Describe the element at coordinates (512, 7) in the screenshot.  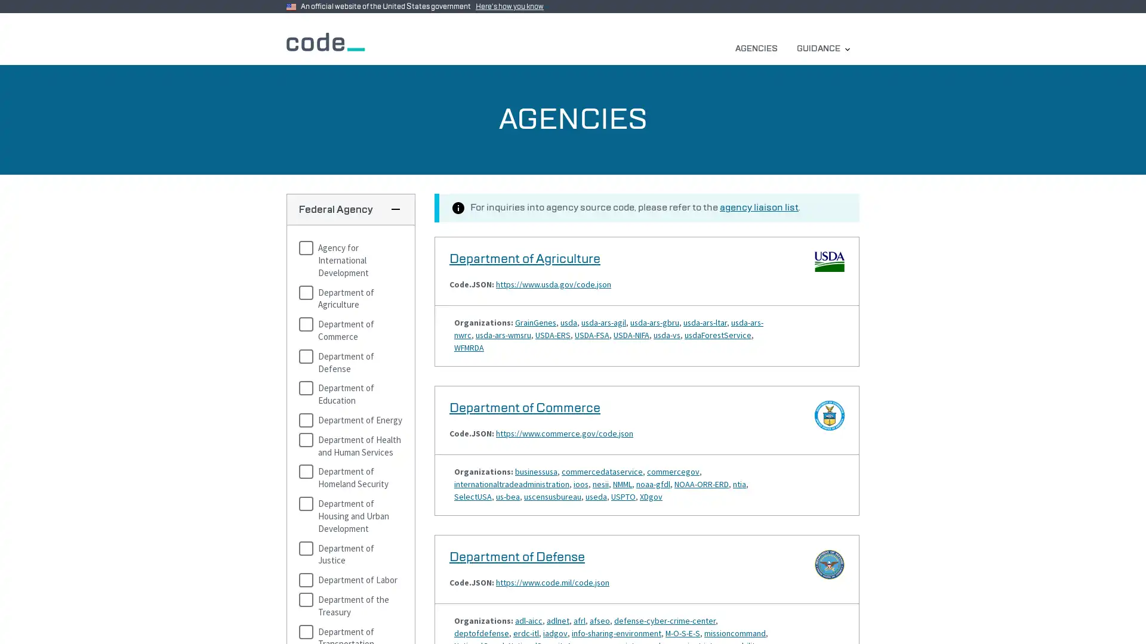
I see `Here's how you know` at that location.